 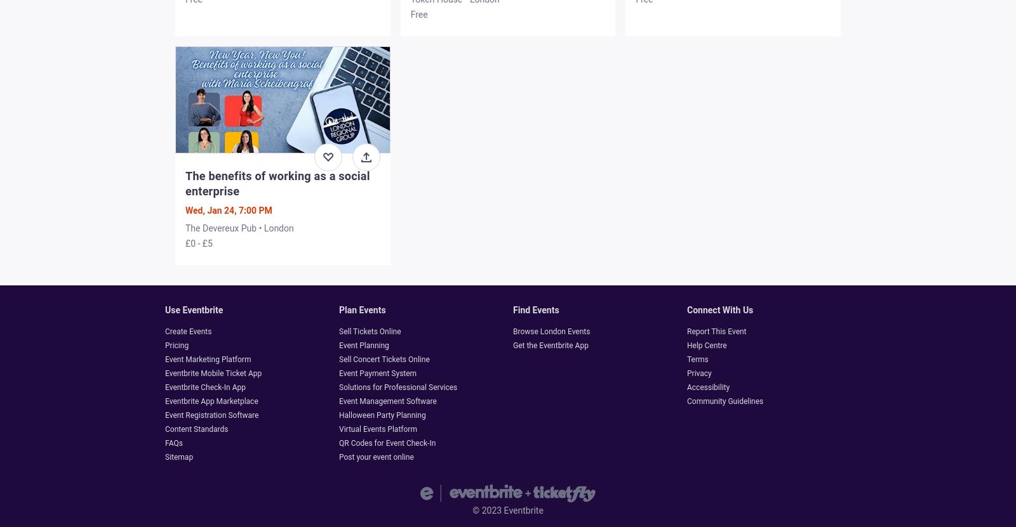 I want to click on 'Eventbrite App Marketplace', so click(x=211, y=400).